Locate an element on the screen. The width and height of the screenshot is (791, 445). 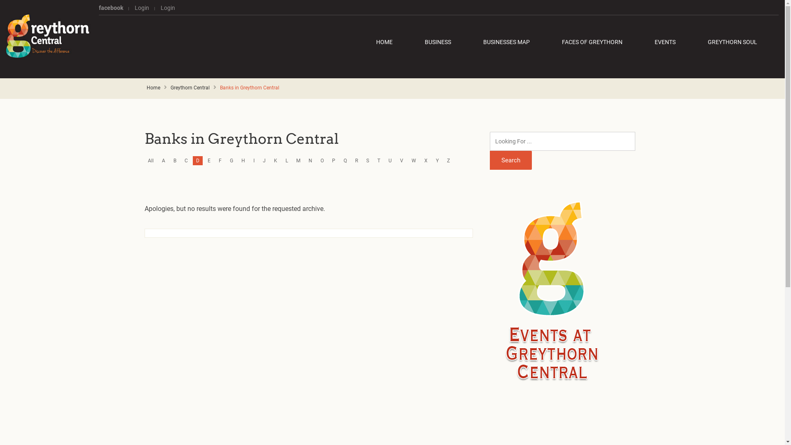
'E' is located at coordinates (209, 160).